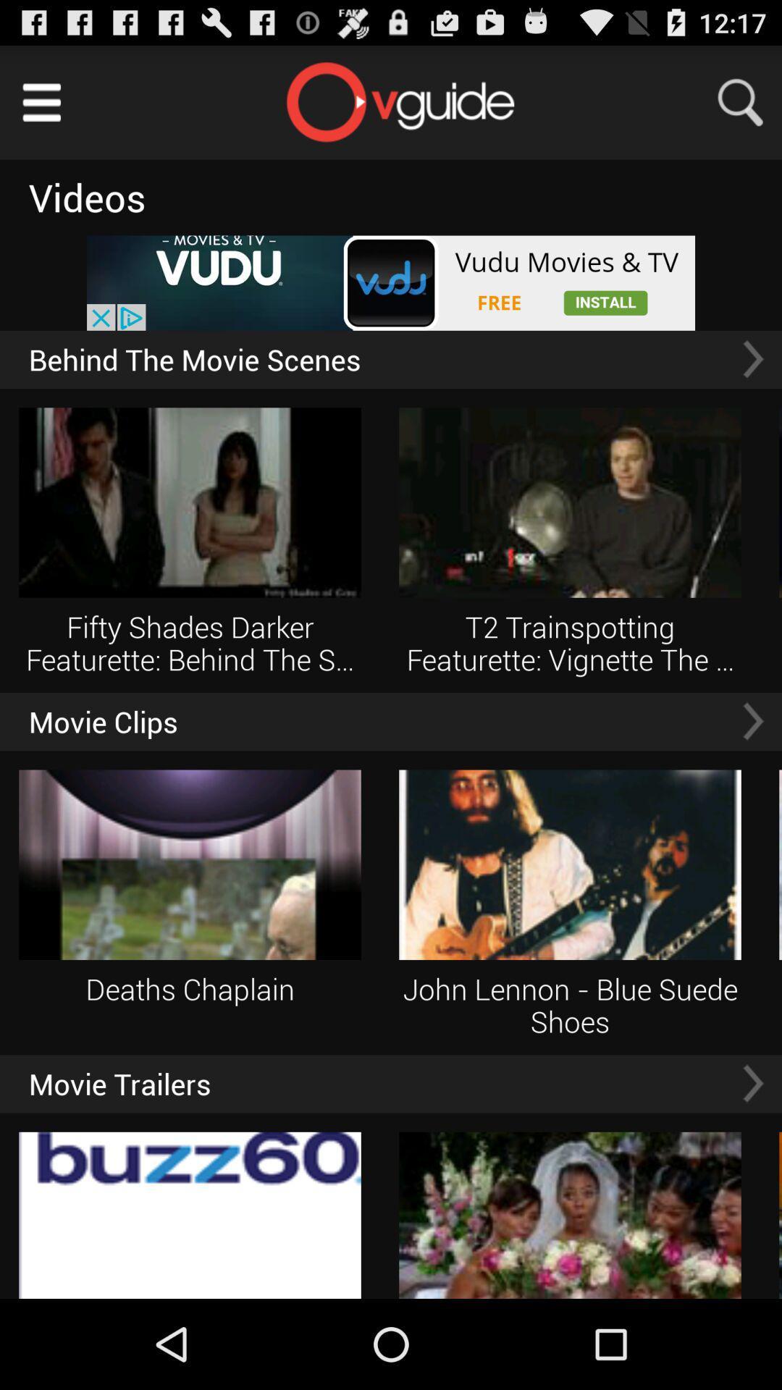 The image size is (782, 1390). Describe the element at coordinates (752, 721) in the screenshot. I see `see more videos` at that location.